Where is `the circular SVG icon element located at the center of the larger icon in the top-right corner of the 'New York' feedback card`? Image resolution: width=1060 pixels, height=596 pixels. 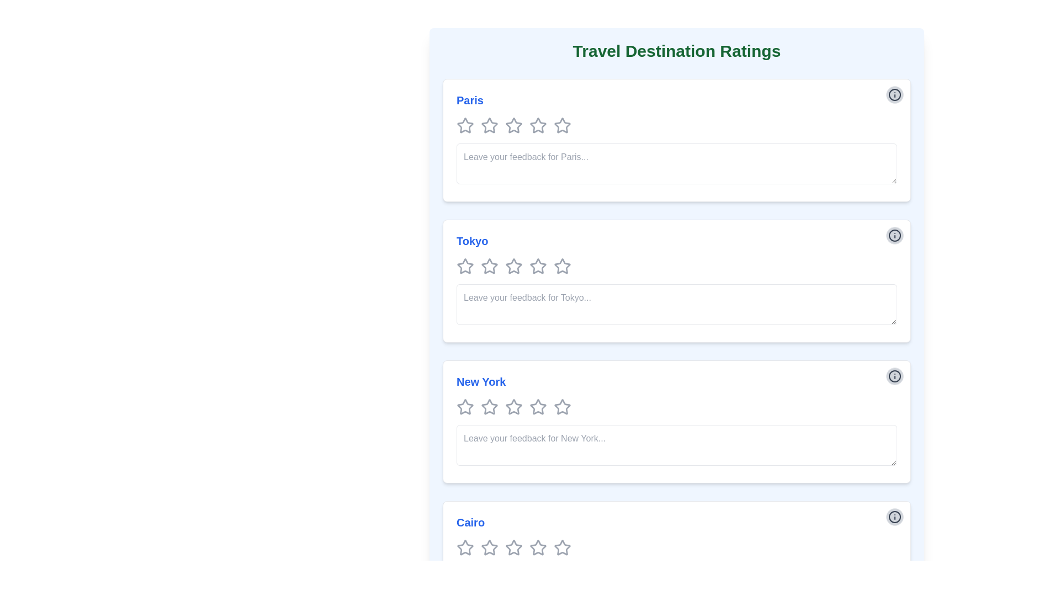
the circular SVG icon element located at the center of the larger icon in the top-right corner of the 'New York' feedback card is located at coordinates (895, 376).